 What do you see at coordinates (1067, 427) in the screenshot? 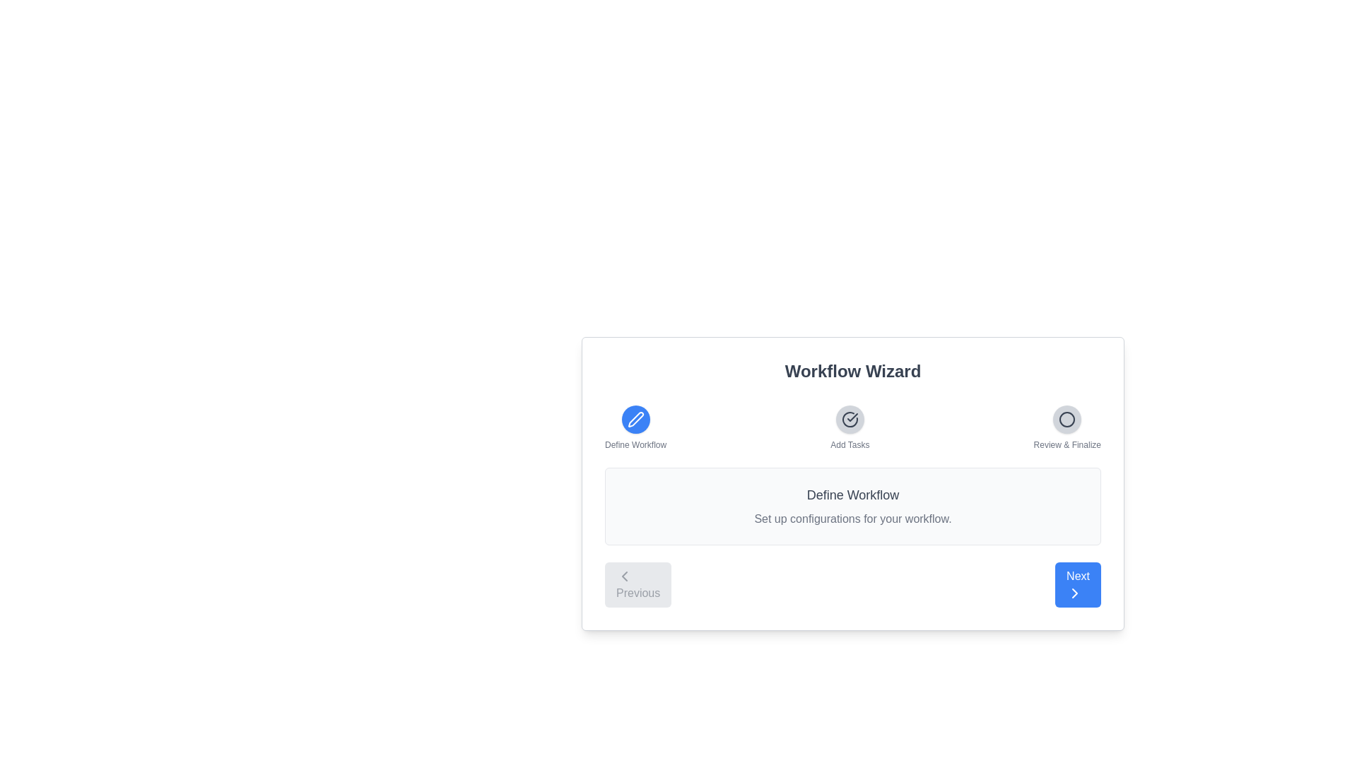
I see `the 'Review & Finalize' static infographic in the 'Workflow Wizard' step navigation component, which indicates the final step of the process` at bounding box center [1067, 427].